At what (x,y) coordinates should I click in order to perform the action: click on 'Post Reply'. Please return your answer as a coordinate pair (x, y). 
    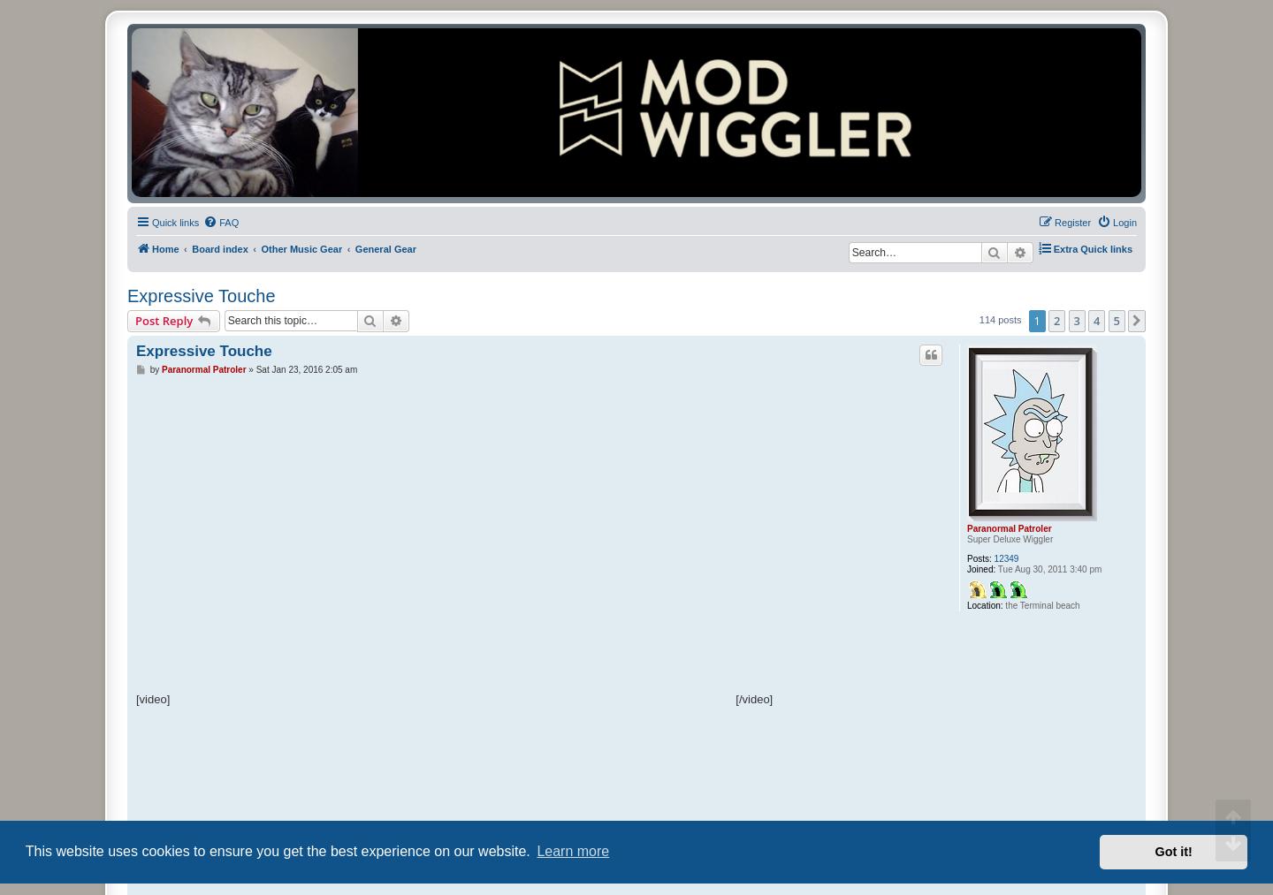
    Looking at the image, I should click on (164, 320).